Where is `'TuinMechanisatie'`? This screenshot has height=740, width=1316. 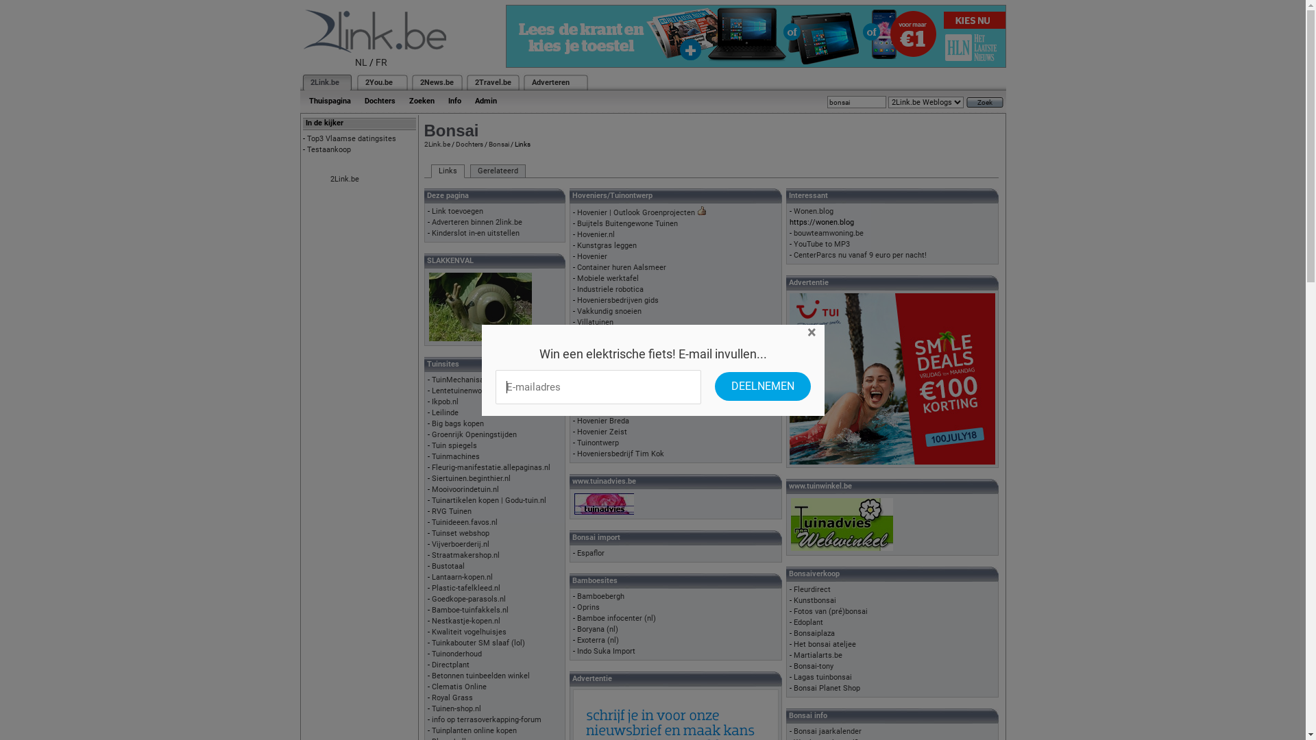 'TuinMechanisatie' is located at coordinates (462, 380).